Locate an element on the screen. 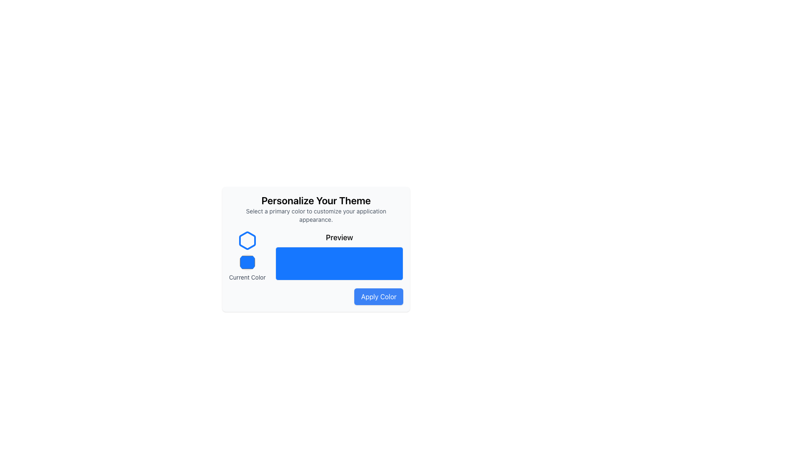  the Display box located centrally within the panel, directly below the text 'Preview' and aligned with 'Current Color' and 'Apply Color' is located at coordinates (315, 249).